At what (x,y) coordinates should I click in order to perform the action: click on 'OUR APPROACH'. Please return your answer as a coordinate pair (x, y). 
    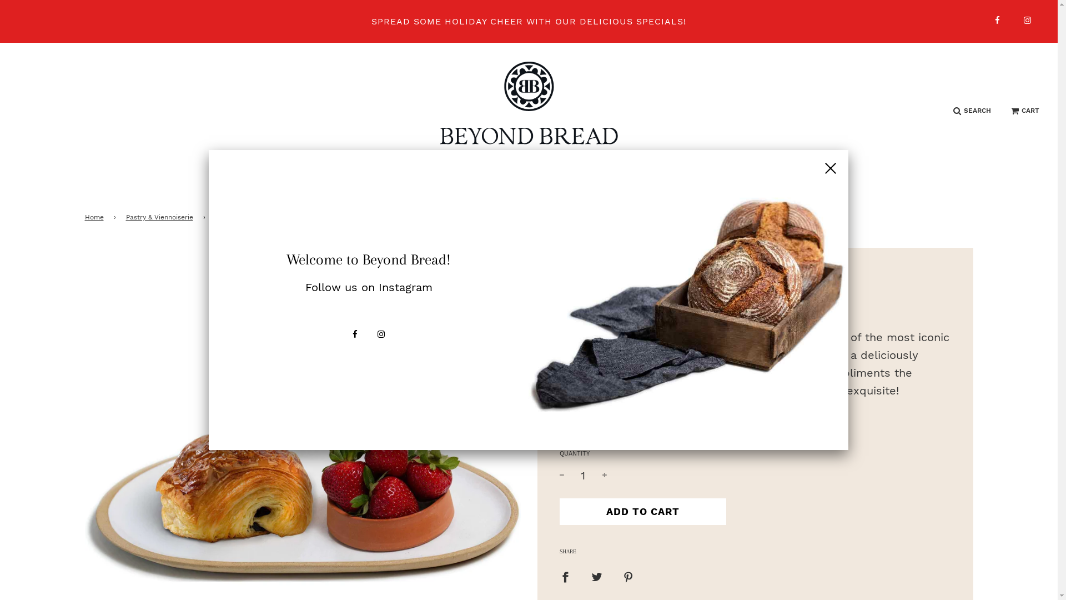
    Looking at the image, I should click on (697, 184).